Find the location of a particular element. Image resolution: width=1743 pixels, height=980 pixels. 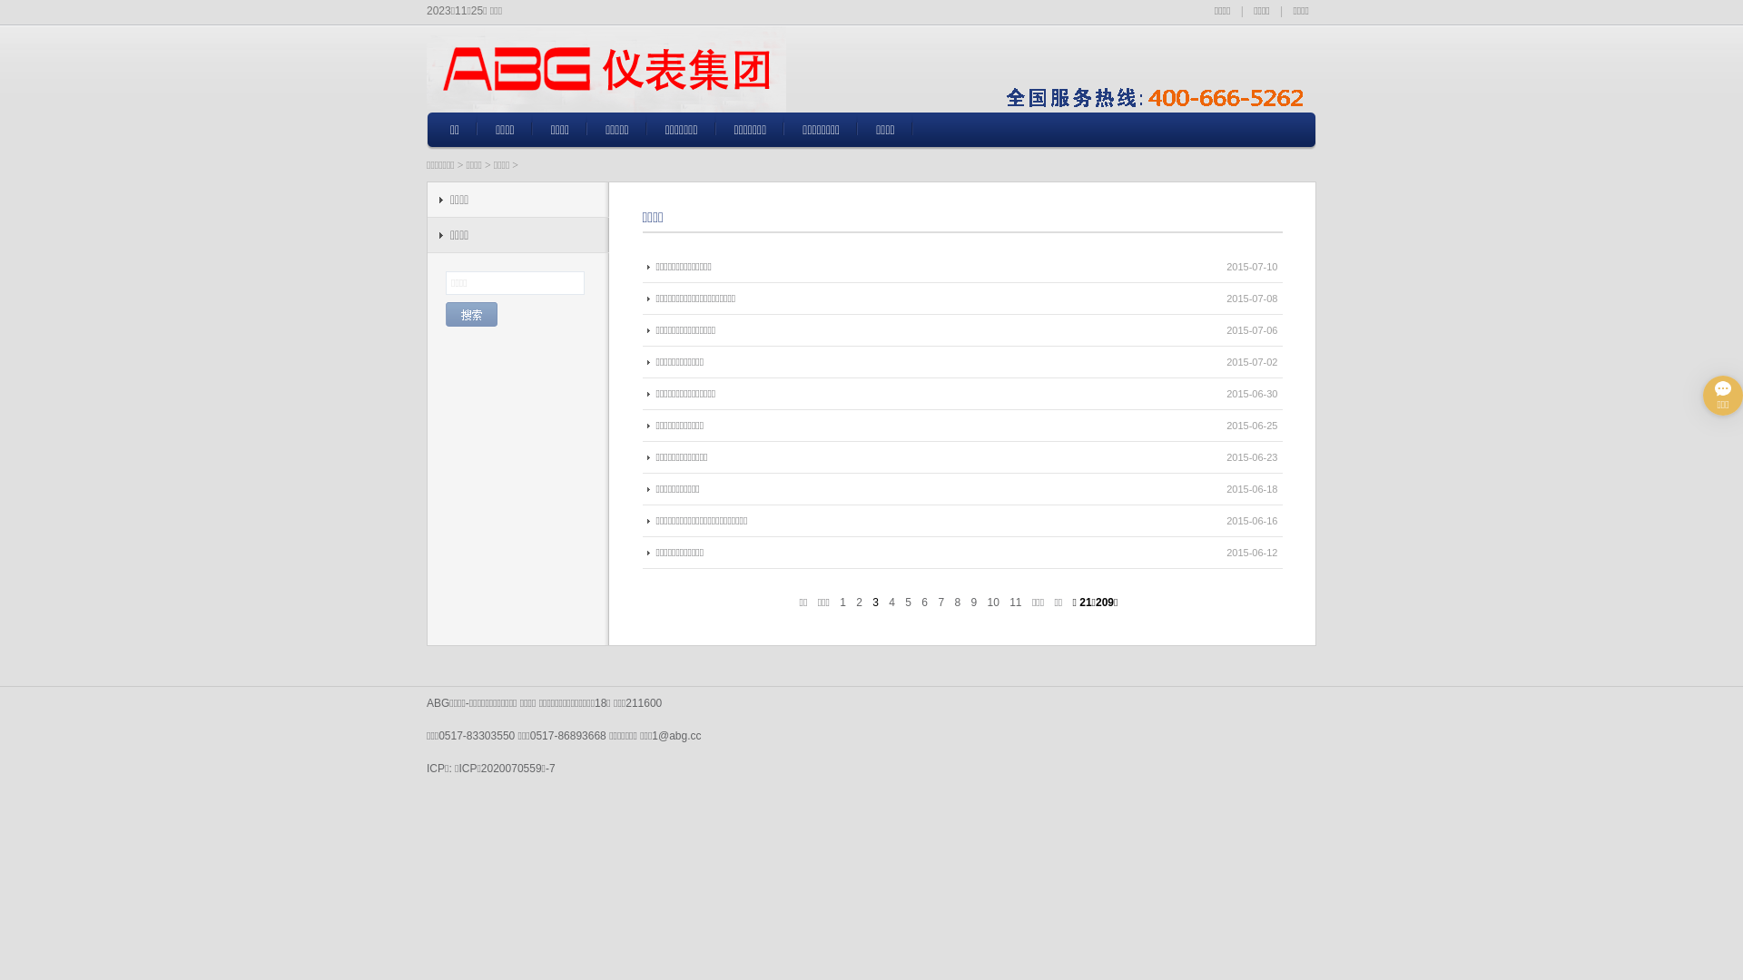

'10' is located at coordinates (985, 602).